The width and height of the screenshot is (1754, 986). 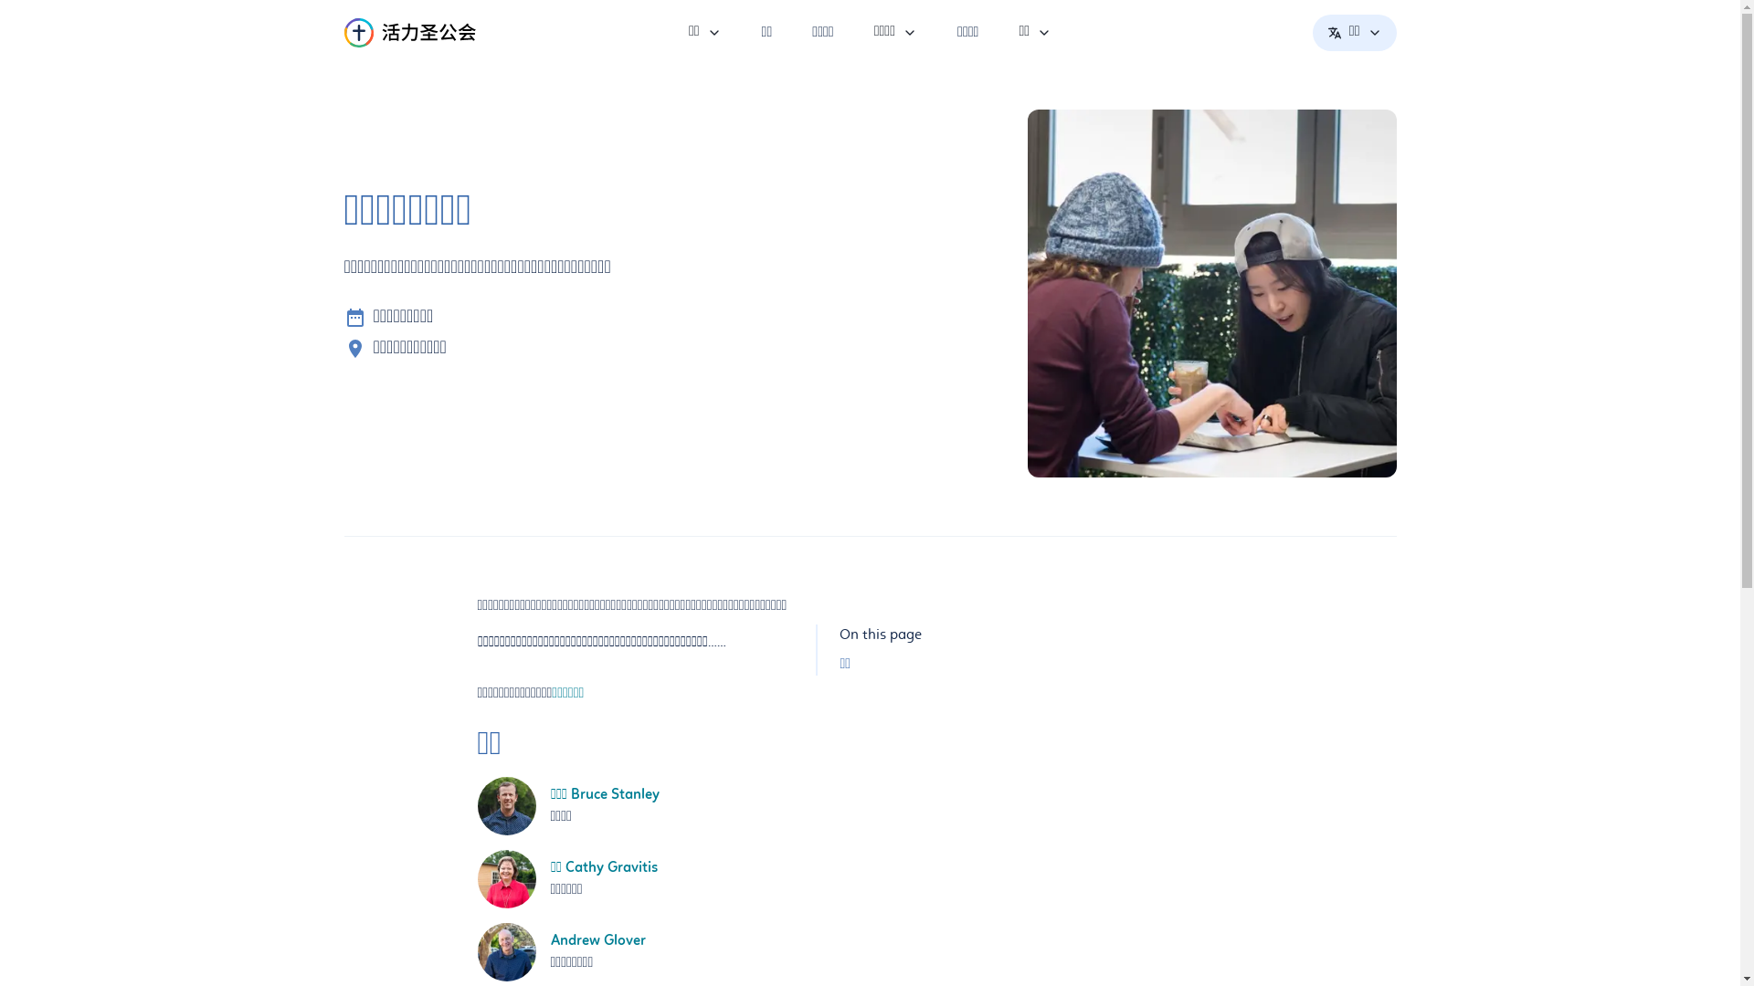 What do you see at coordinates (597, 940) in the screenshot?
I see `'Andrew Glover'` at bounding box center [597, 940].